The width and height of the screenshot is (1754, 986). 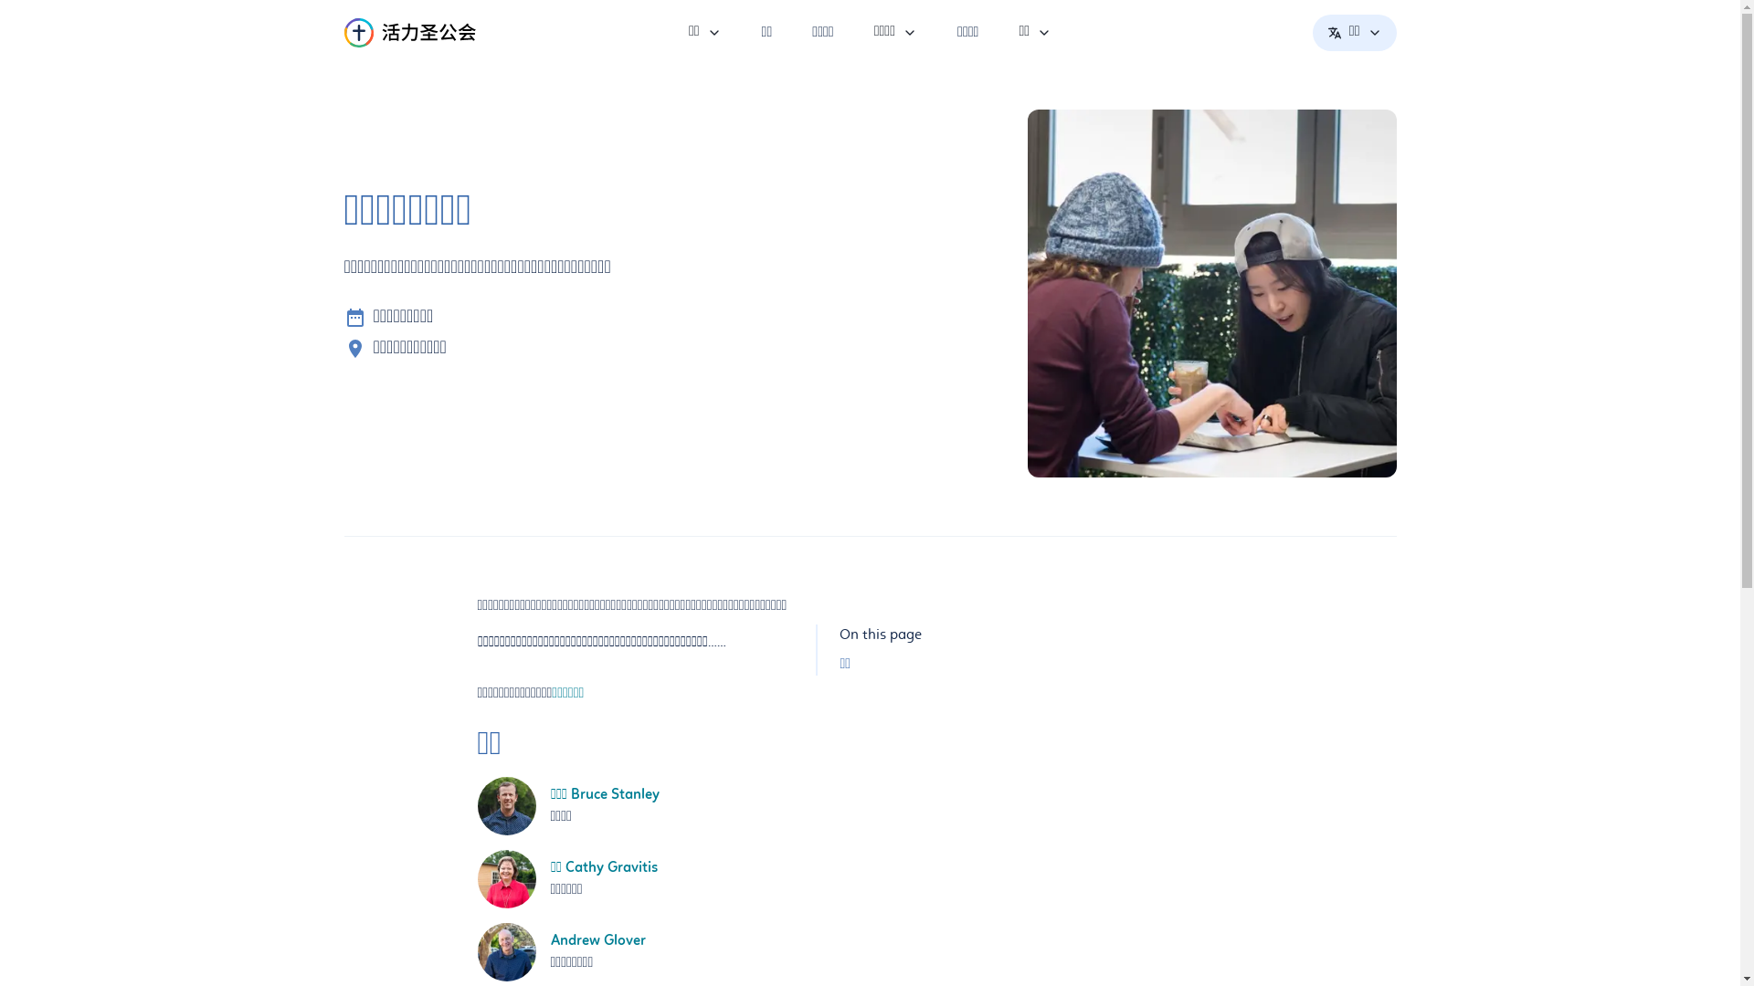 What do you see at coordinates (597, 940) in the screenshot?
I see `'Andrew Glover'` at bounding box center [597, 940].